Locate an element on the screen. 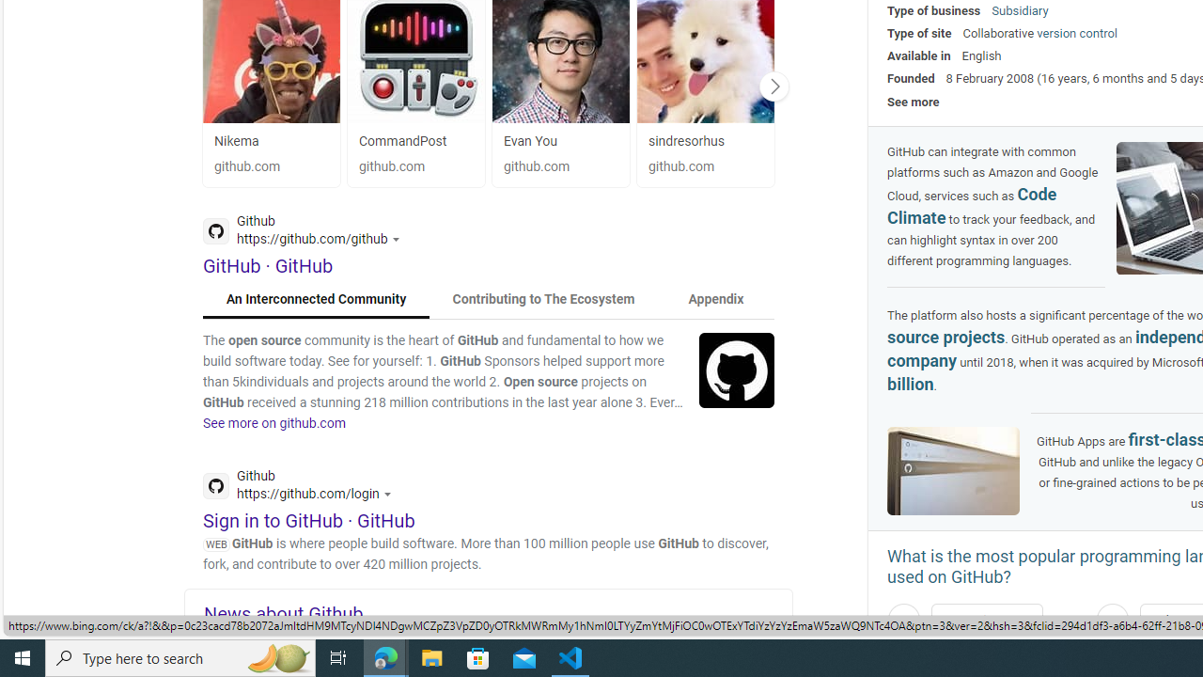 Image resolution: width=1203 pixels, height=677 pixels. 'Appendix' is located at coordinates (714, 298).